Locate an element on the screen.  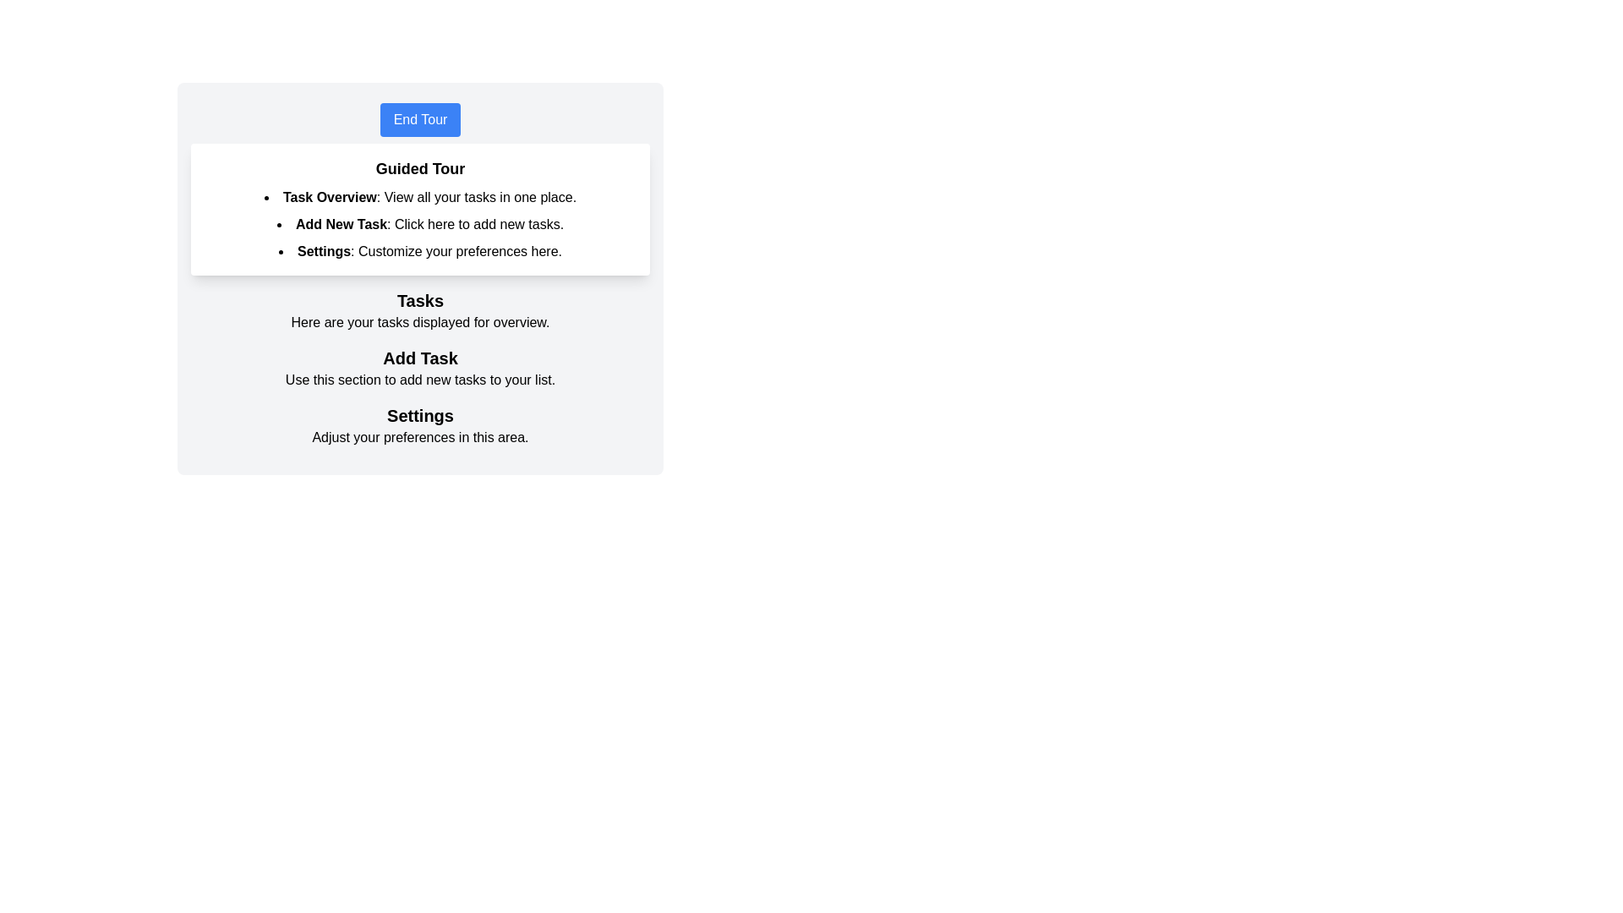
the bulleted list in the Guided Tour section that includes 'Task Overview', 'Add New Task', and 'Settings' is located at coordinates (420, 224).